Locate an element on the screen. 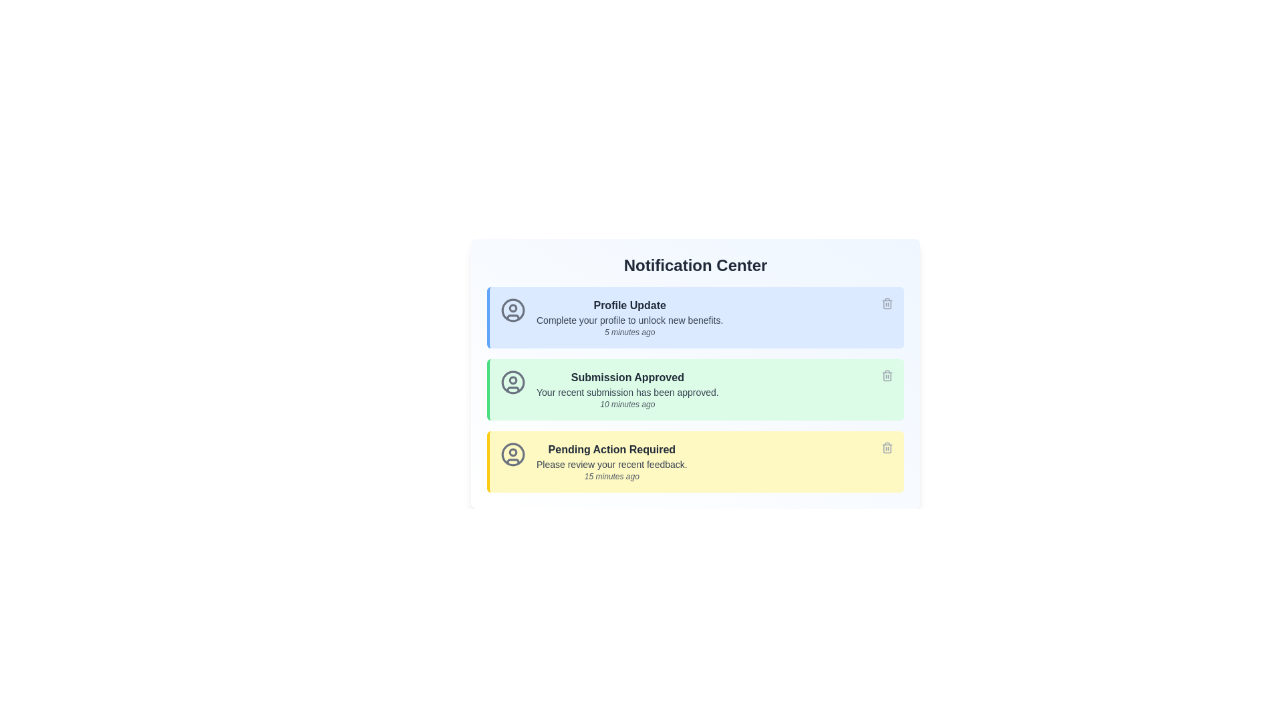  the small circular shape representing a part of the user profile icon located centrally within the topmost blue notification card is located at coordinates (513, 308).